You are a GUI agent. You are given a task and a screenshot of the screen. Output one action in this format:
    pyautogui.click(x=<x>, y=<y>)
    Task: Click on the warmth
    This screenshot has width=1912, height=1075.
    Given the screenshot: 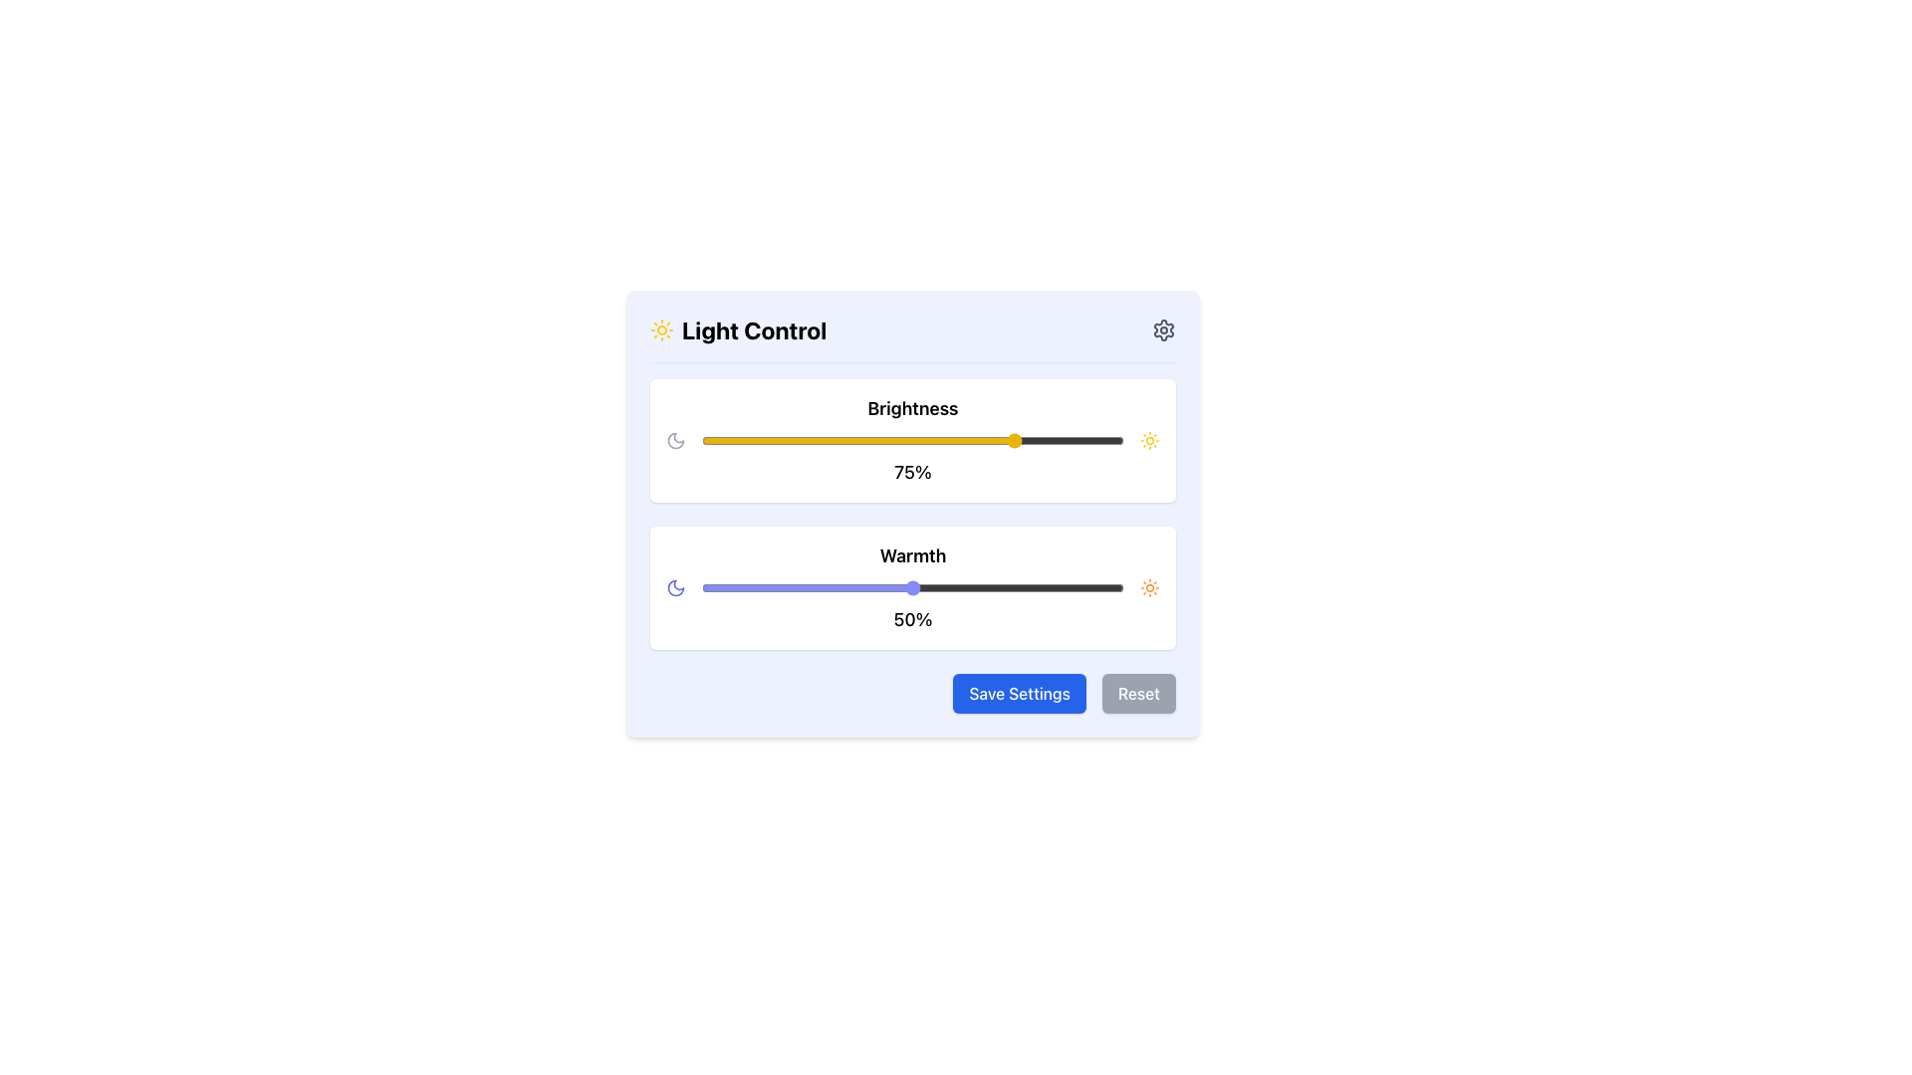 What is the action you would take?
    pyautogui.click(x=866, y=586)
    